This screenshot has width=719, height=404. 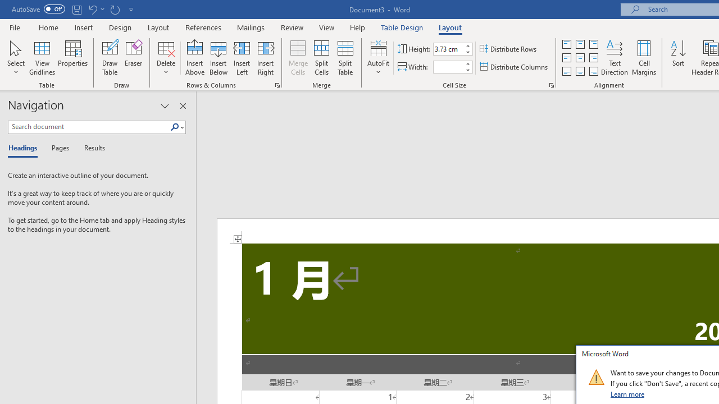 What do you see at coordinates (551, 84) in the screenshot?
I see `'Properties...'` at bounding box center [551, 84].